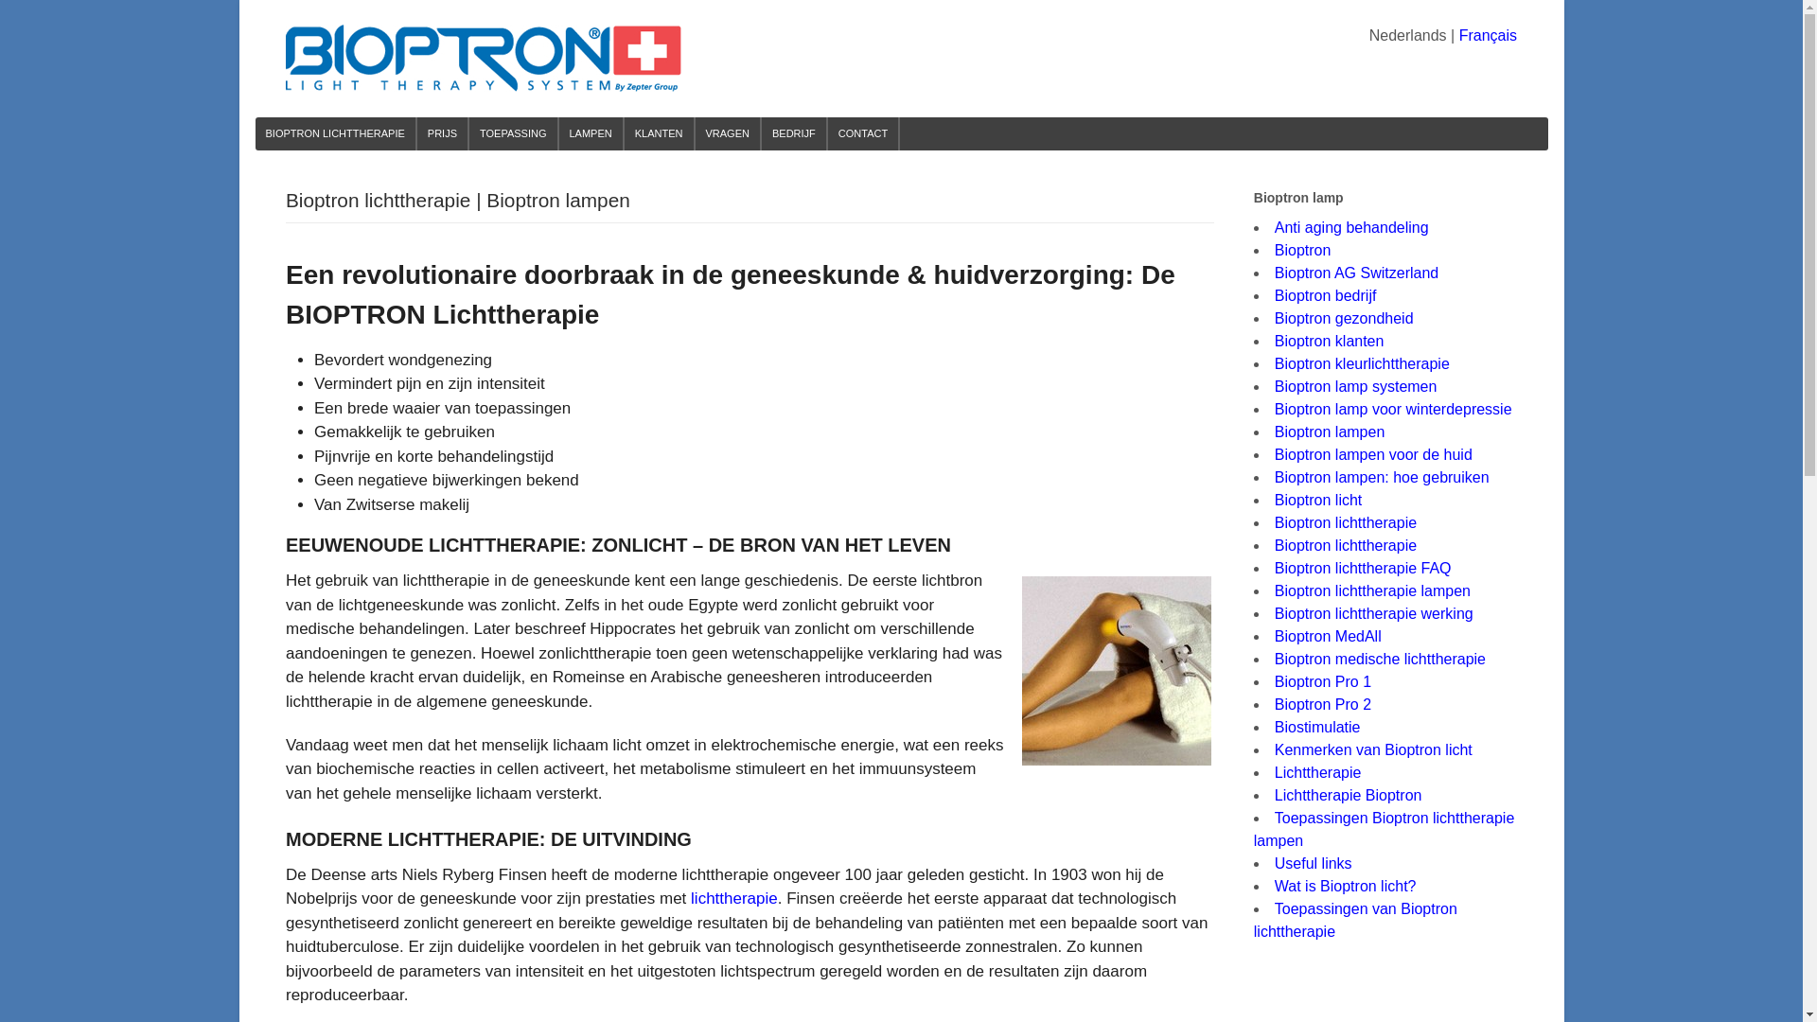 This screenshot has height=1022, width=1817. What do you see at coordinates (1350, 226) in the screenshot?
I see `'Anti aging behandeling'` at bounding box center [1350, 226].